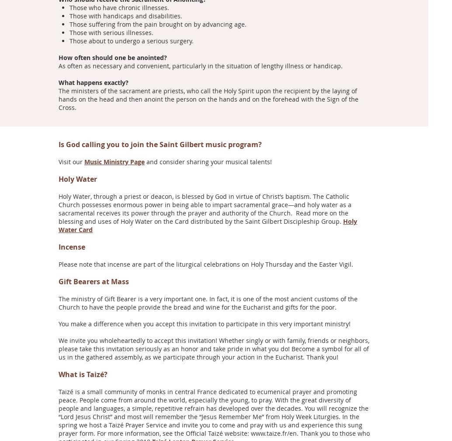  Describe the element at coordinates (79, 179) in the screenshot. I see `'Holy Water'` at that location.